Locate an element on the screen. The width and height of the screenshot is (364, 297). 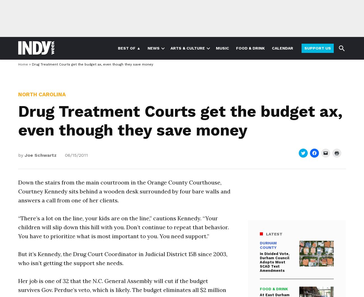
'But it’s Kennedy, the Drug Court Coordinator in Judicial District 15B since 2003, who isn’t getting the support she needs.' is located at coordinates (122, 258).